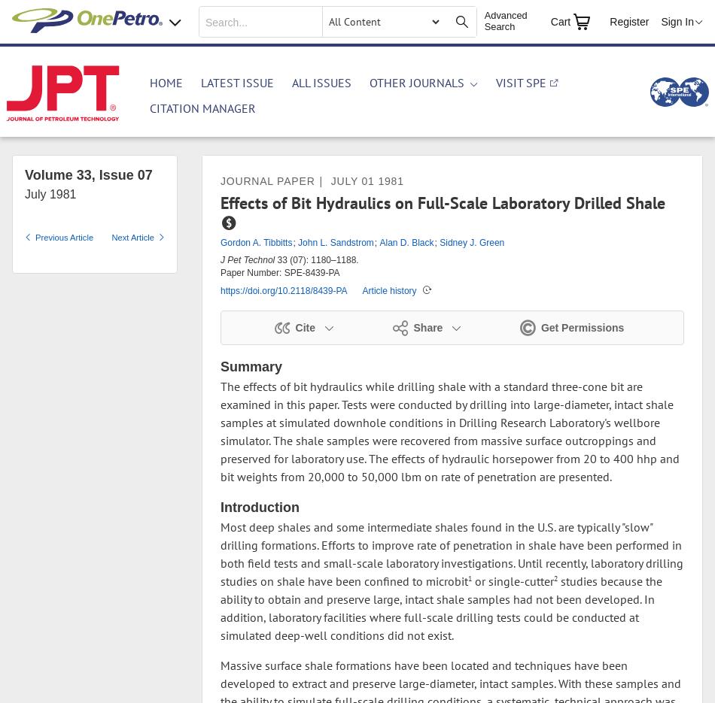 This screenshot has height=703, width=715. What do you see at coordinates (472, 243) in the screenshot?
I see `'Sidney J. Green'` at bounding box center [472, 243].